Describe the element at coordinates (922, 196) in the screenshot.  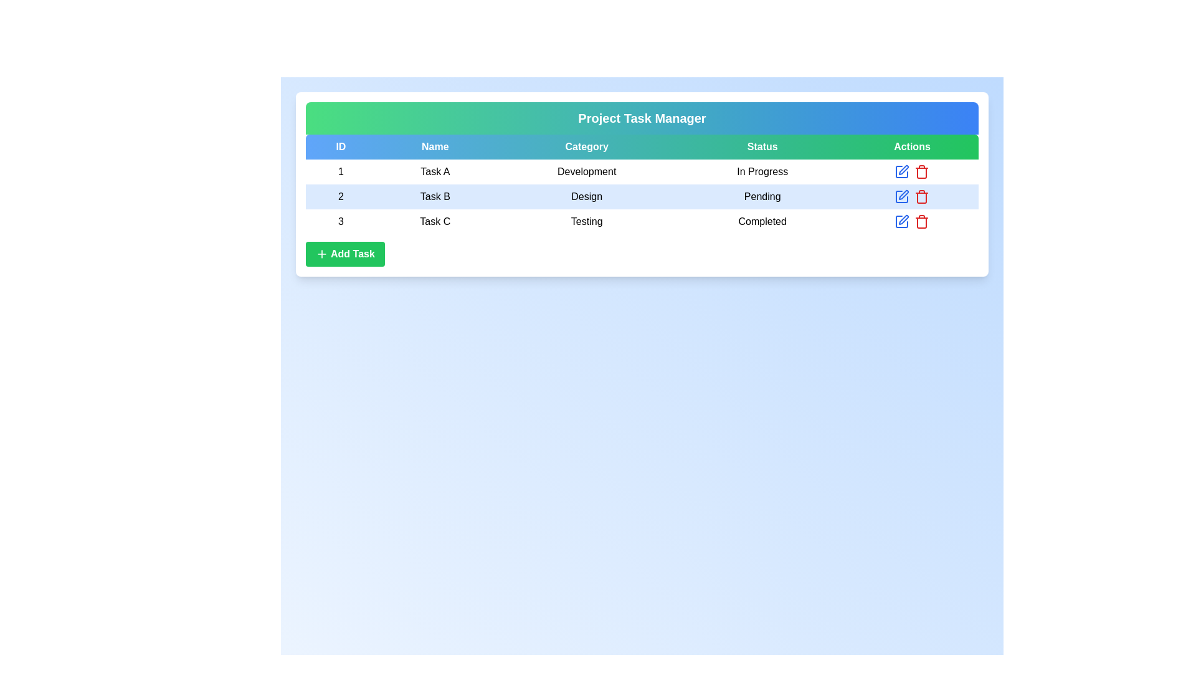
I see `the delete icon for the task with ID 2` at that location.